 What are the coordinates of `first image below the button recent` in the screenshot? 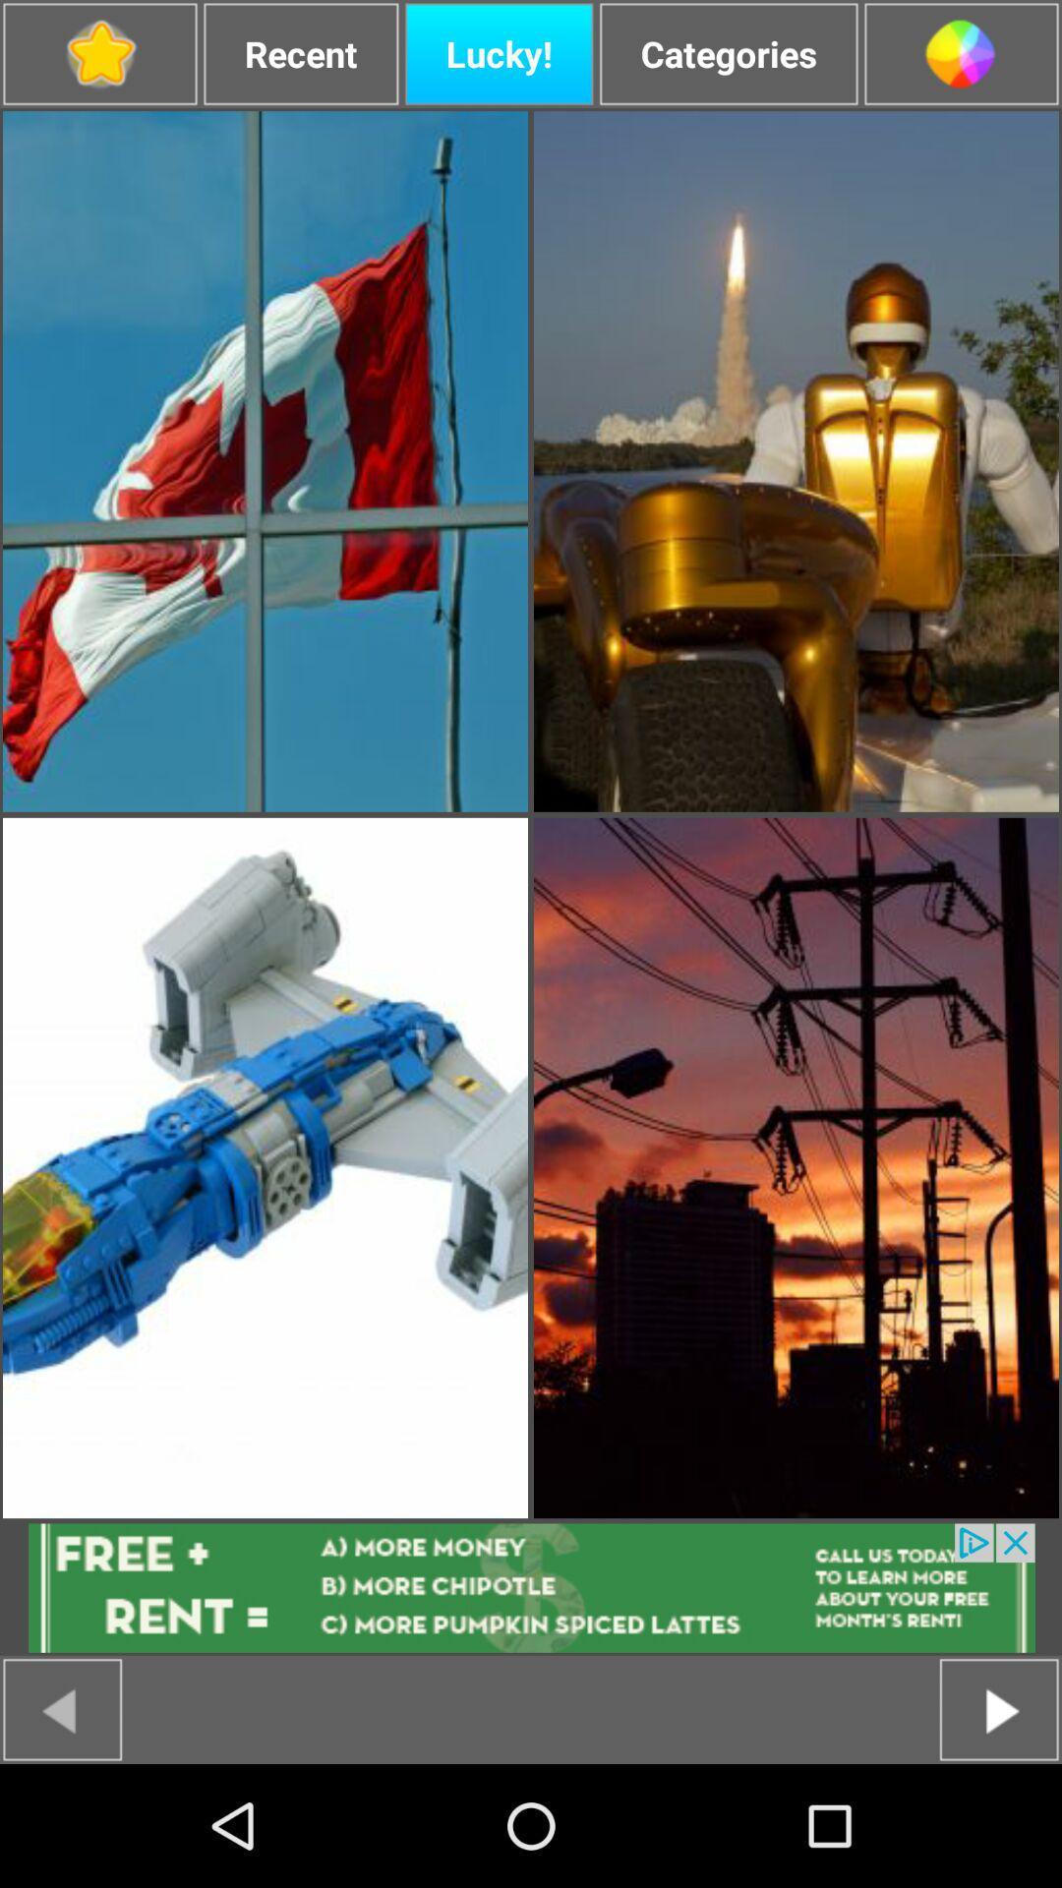 It's located at (265, 460).